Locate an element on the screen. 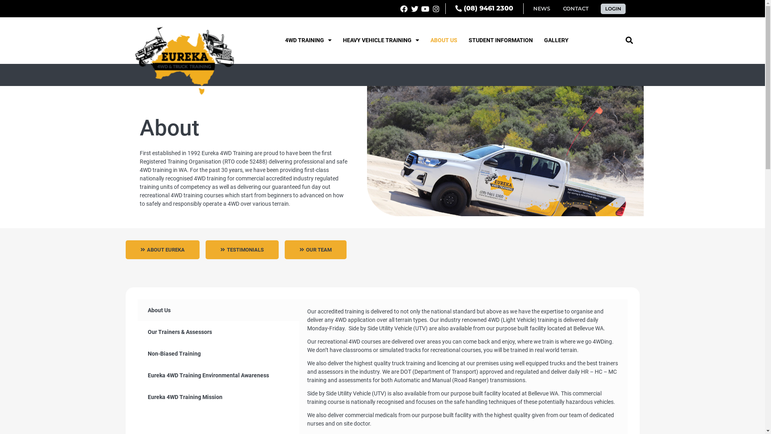 Image resolution: width=771 pixels, height=434 pixels. 'HEAVY VEHICLE TRAINING' is located at coordinates (381, 40).